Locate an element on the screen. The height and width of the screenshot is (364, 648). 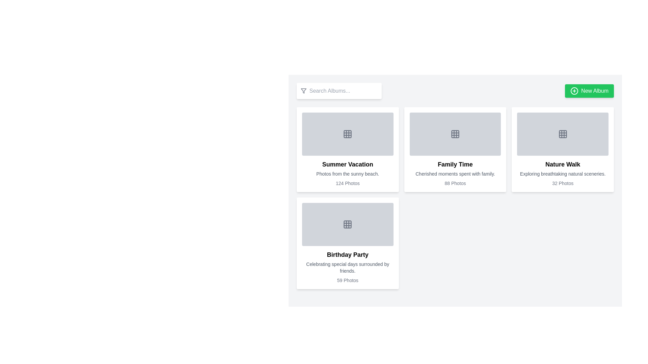
text from the second text block displaying 'Cherished moments spent with family.' within the 'Family Time' card is located at coordinates (455, 174).